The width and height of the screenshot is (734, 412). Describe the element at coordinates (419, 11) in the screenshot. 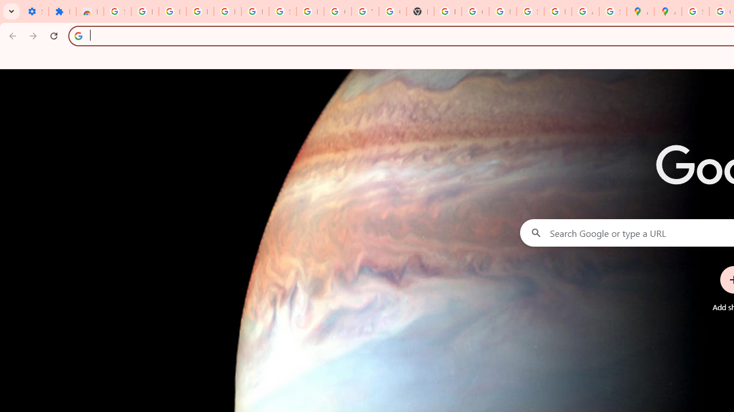

I see `'New Tab'` at that location.